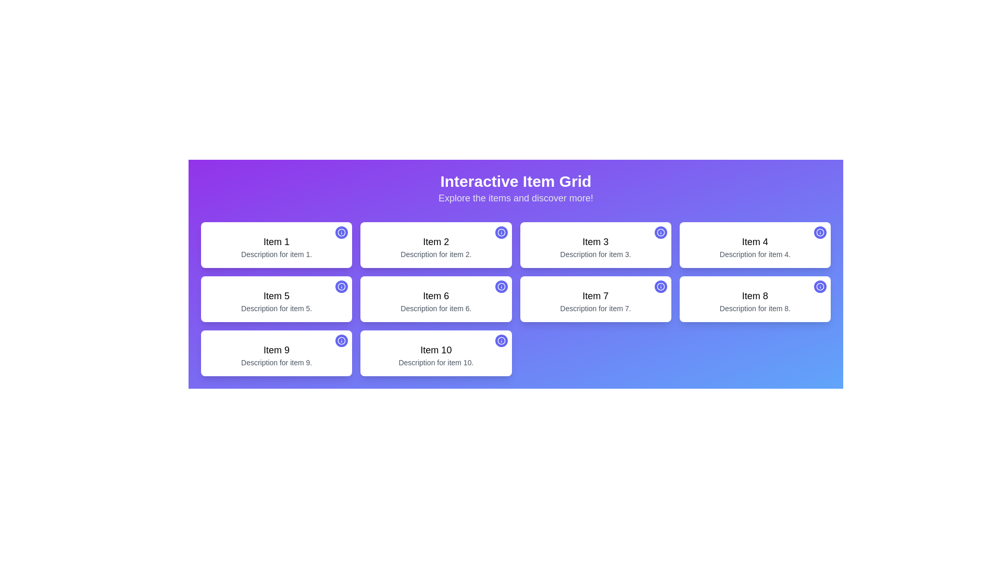  Describe the element at coordinates (436, 242) in the screenshot. I see `the text label displaying 'Item 2', which is located in the top row of the grid view, between 'Item 1' and 'Item 3'` at that location.